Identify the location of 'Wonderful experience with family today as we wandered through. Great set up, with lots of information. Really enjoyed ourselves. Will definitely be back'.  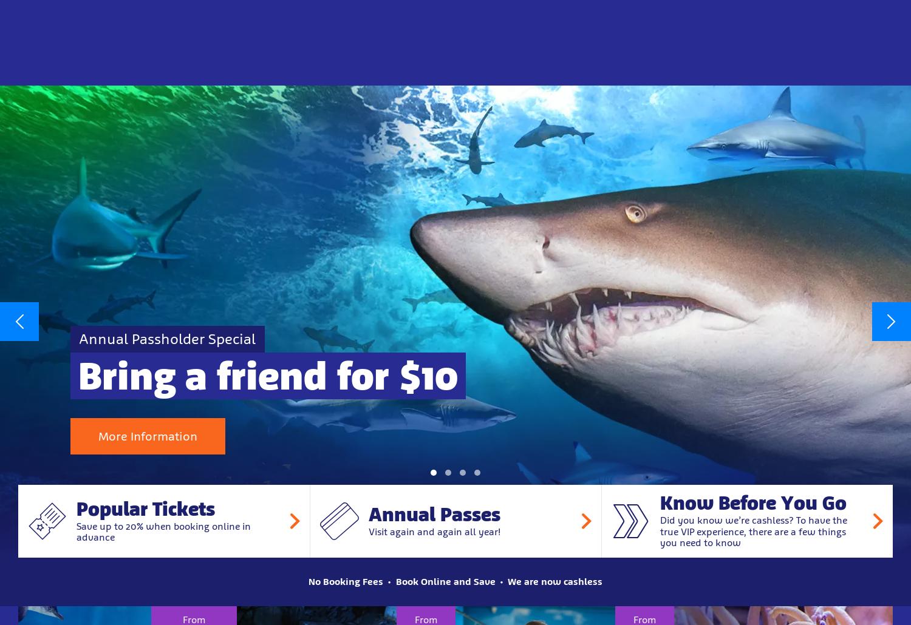
(455, 402).